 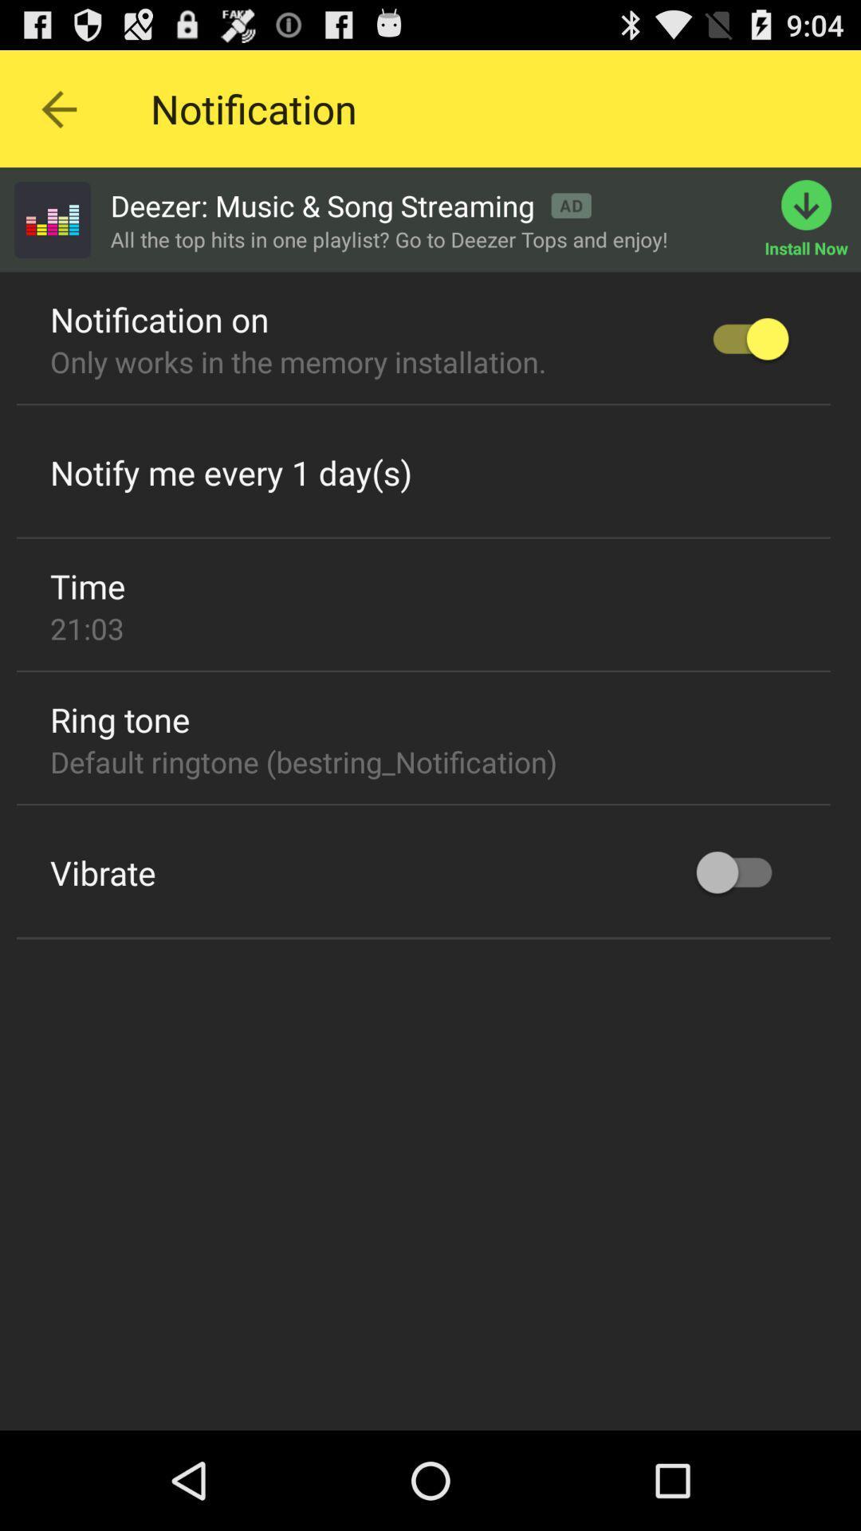 What do you see at coordinates (423, 538) in the screenshot?
I see `item below the notify me every icon` at bounding box center [423, 538].